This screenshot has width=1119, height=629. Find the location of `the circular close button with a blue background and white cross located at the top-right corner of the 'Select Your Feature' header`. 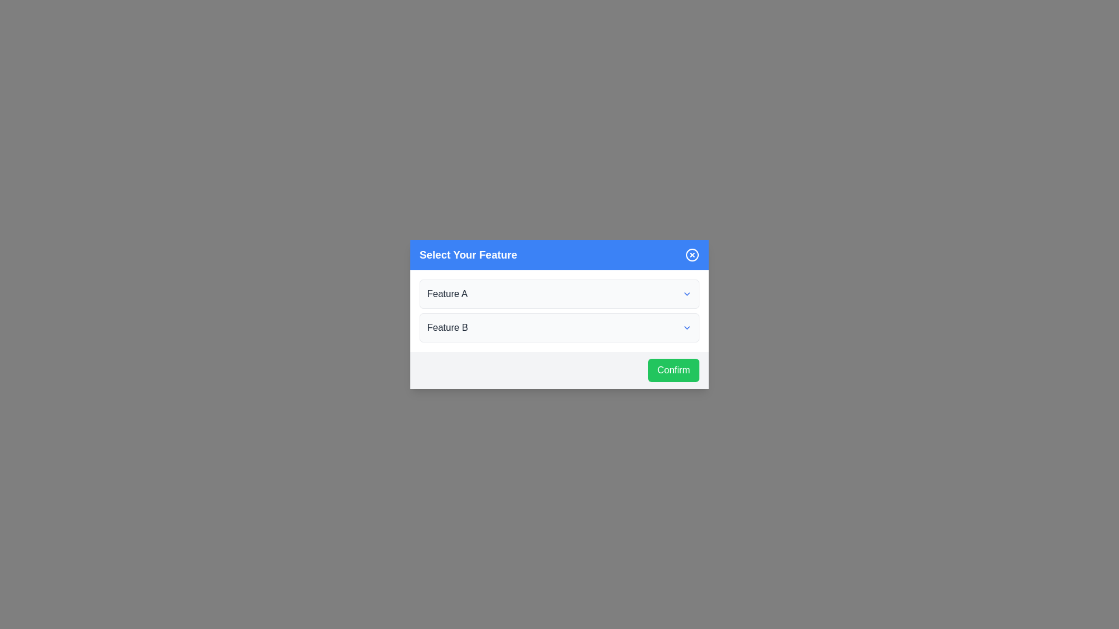

the circular close button with a blue background and white cross located at the top-right corner of the 'Select Your Feature' header is located at coordinates (692, 255).